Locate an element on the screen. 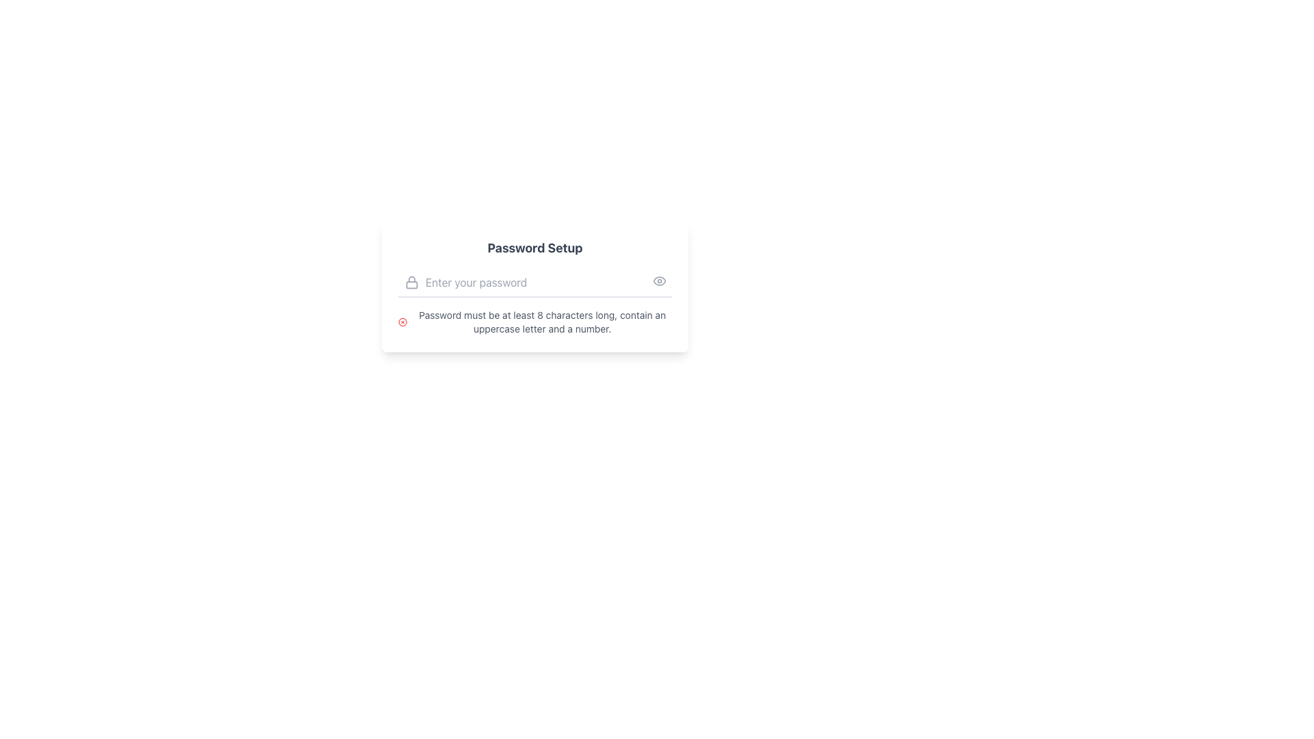 This screenshot has height=739, width=1314. the text element that states 'Password must be at least 8 characters long, contain an uppercase letter and a number.' which is styled in gray and located below the password input field is located at coordinates (534, 322).